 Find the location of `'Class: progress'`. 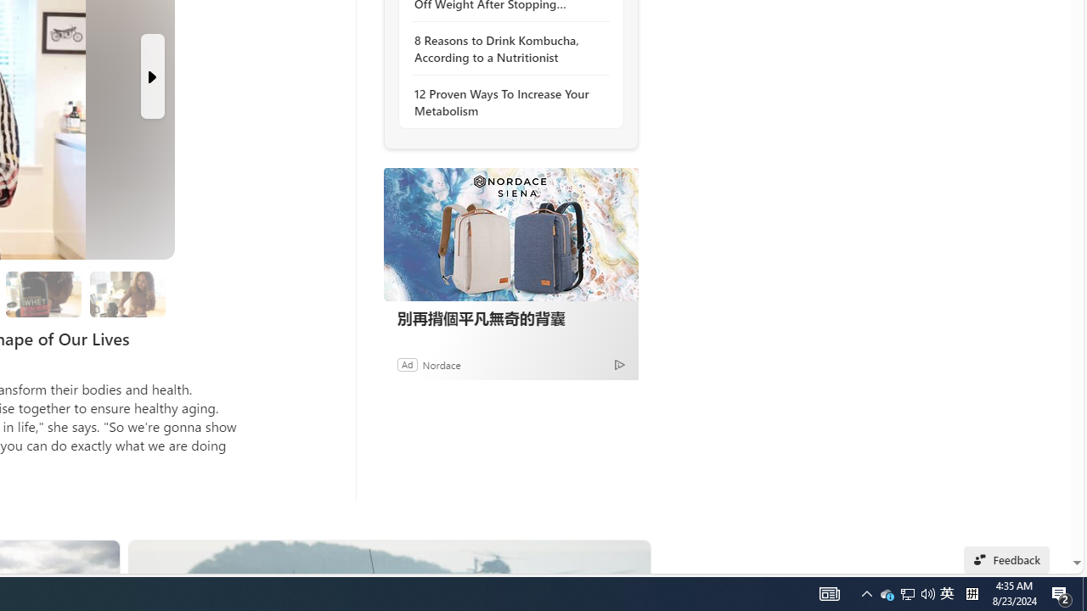

'Class: progress' is located at coordinates (127, 290).